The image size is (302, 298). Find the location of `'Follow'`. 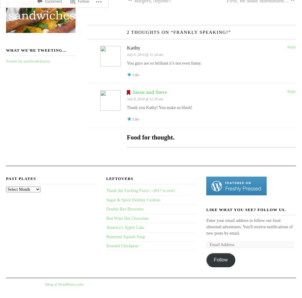

'Follow' is located at coordinates (220, 259).